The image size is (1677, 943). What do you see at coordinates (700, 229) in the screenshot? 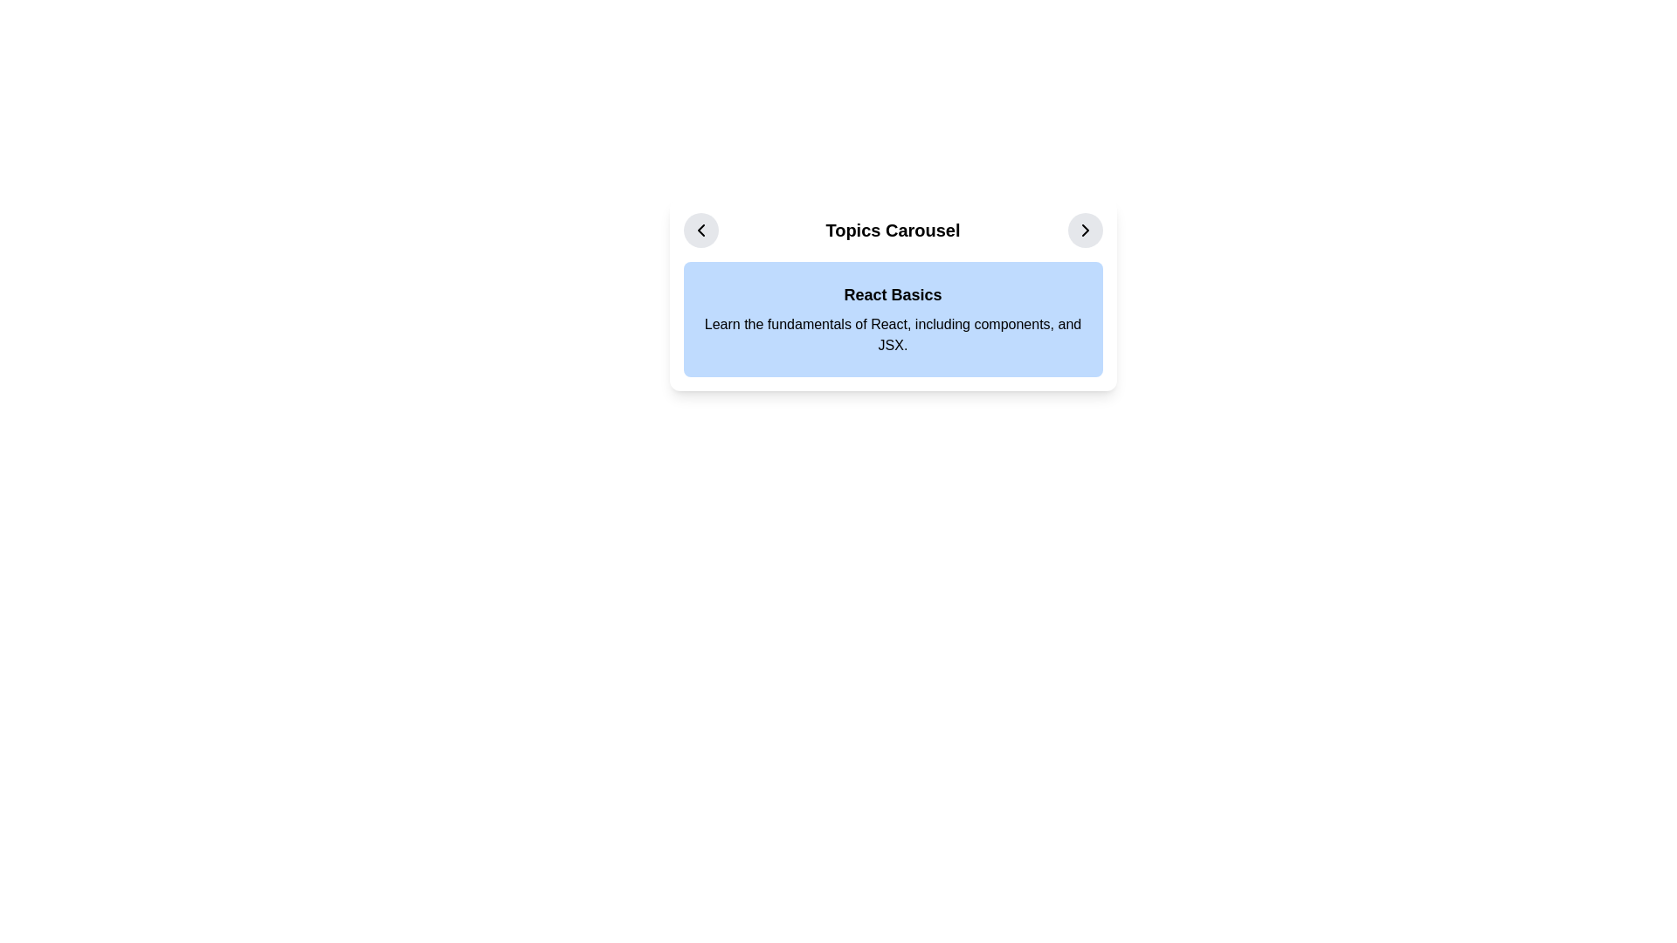
I see `the chevron icon` at bounding box center [700, 229].